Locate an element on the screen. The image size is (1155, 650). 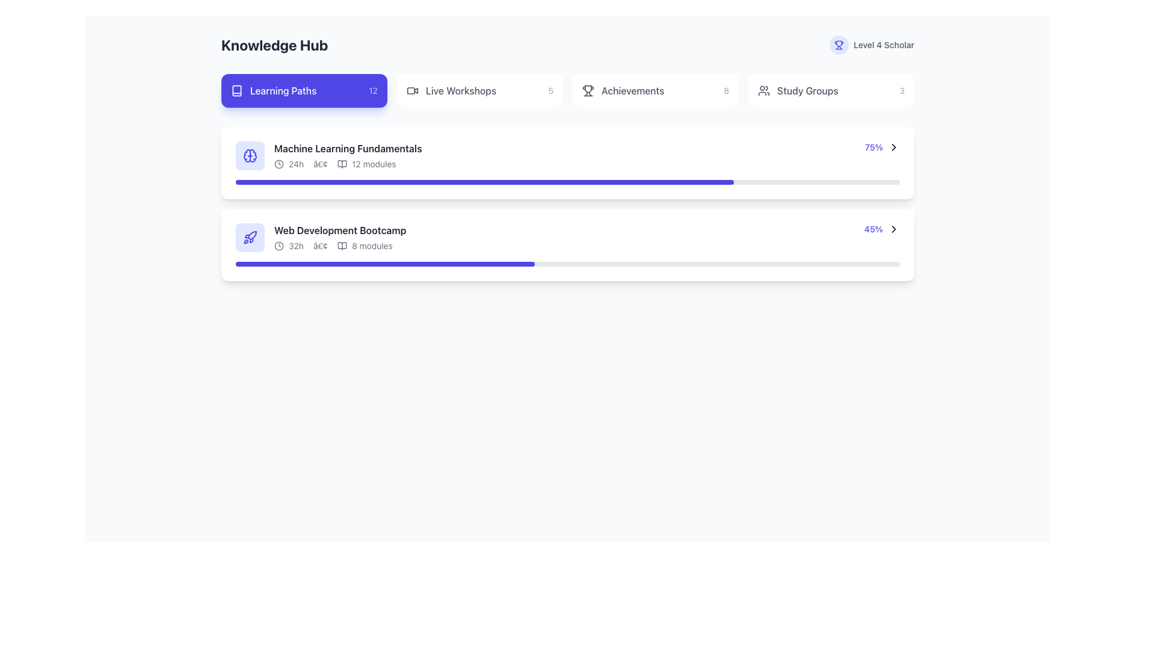
the text element with an adjacent chevron icon indicating the completion percentage of the 'Machine Learning Fundamentals' module, located to the far right of the 'Machine Learning Fundamentals' card in the 'Learning Paths' section is located at coordinates (882, 147).